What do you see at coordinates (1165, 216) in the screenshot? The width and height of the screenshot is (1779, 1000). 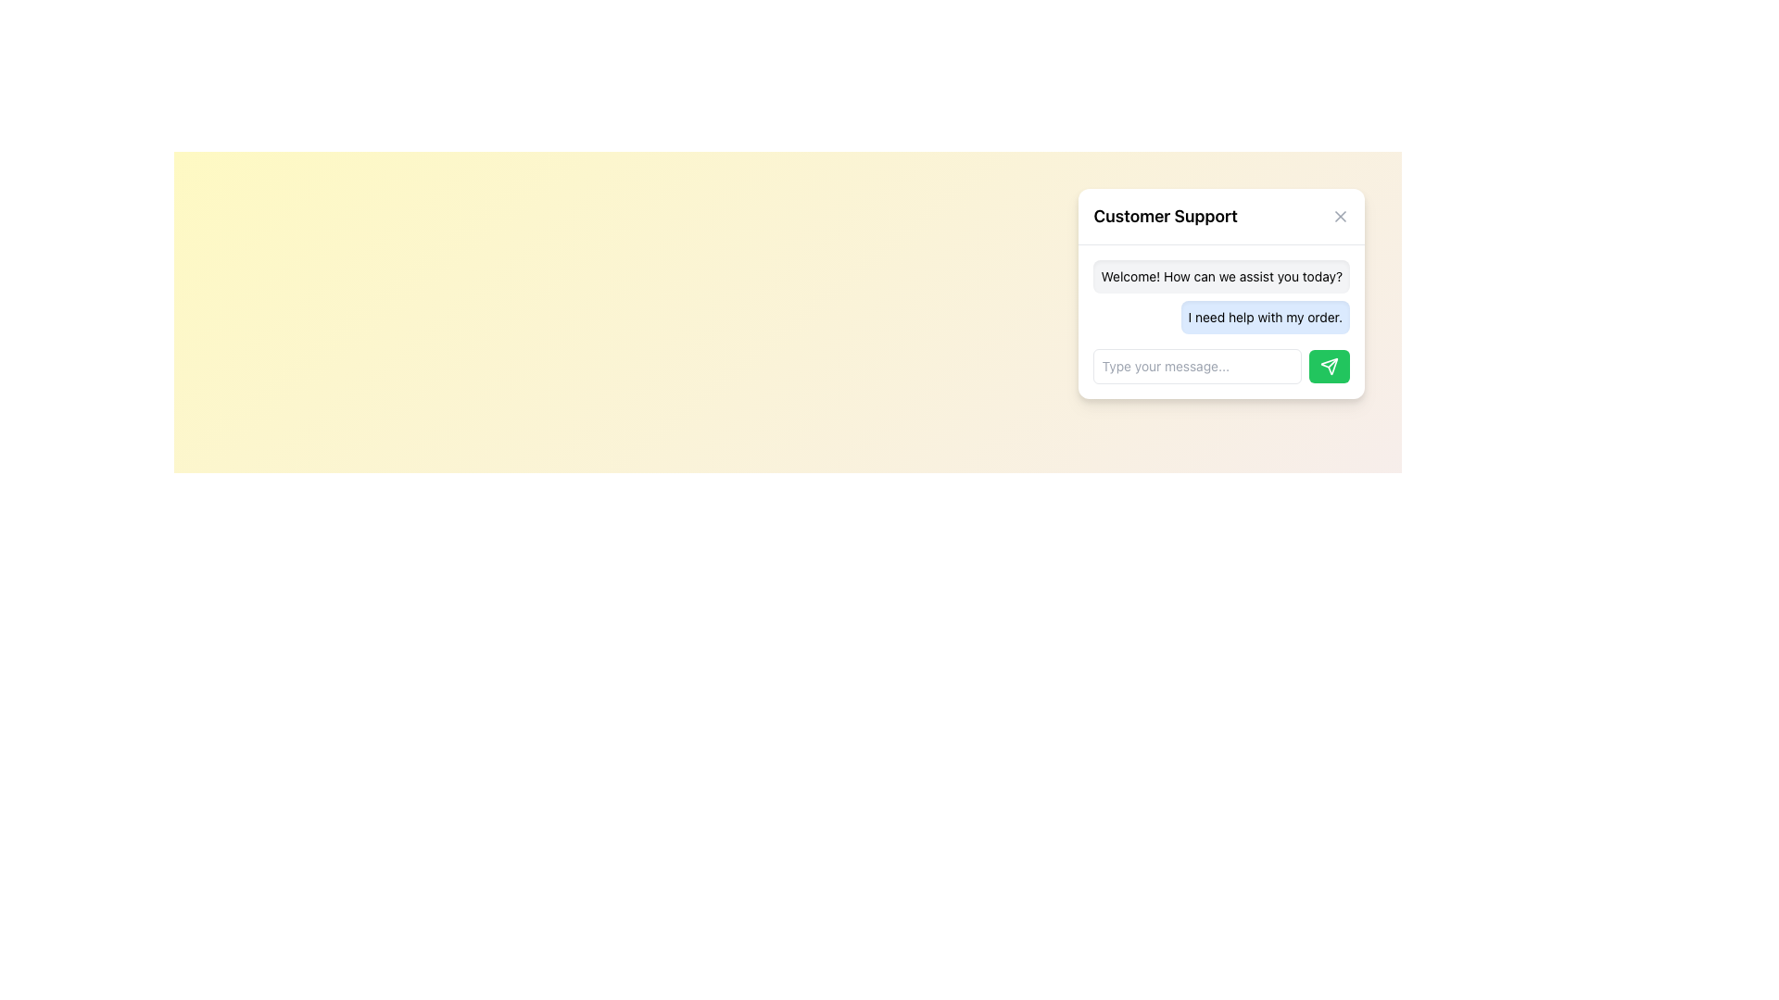 I see `the 'Customer Support' text label, which is prominently displayed at the top of the chat interface in bold font` at bounding box center [1165, 216].